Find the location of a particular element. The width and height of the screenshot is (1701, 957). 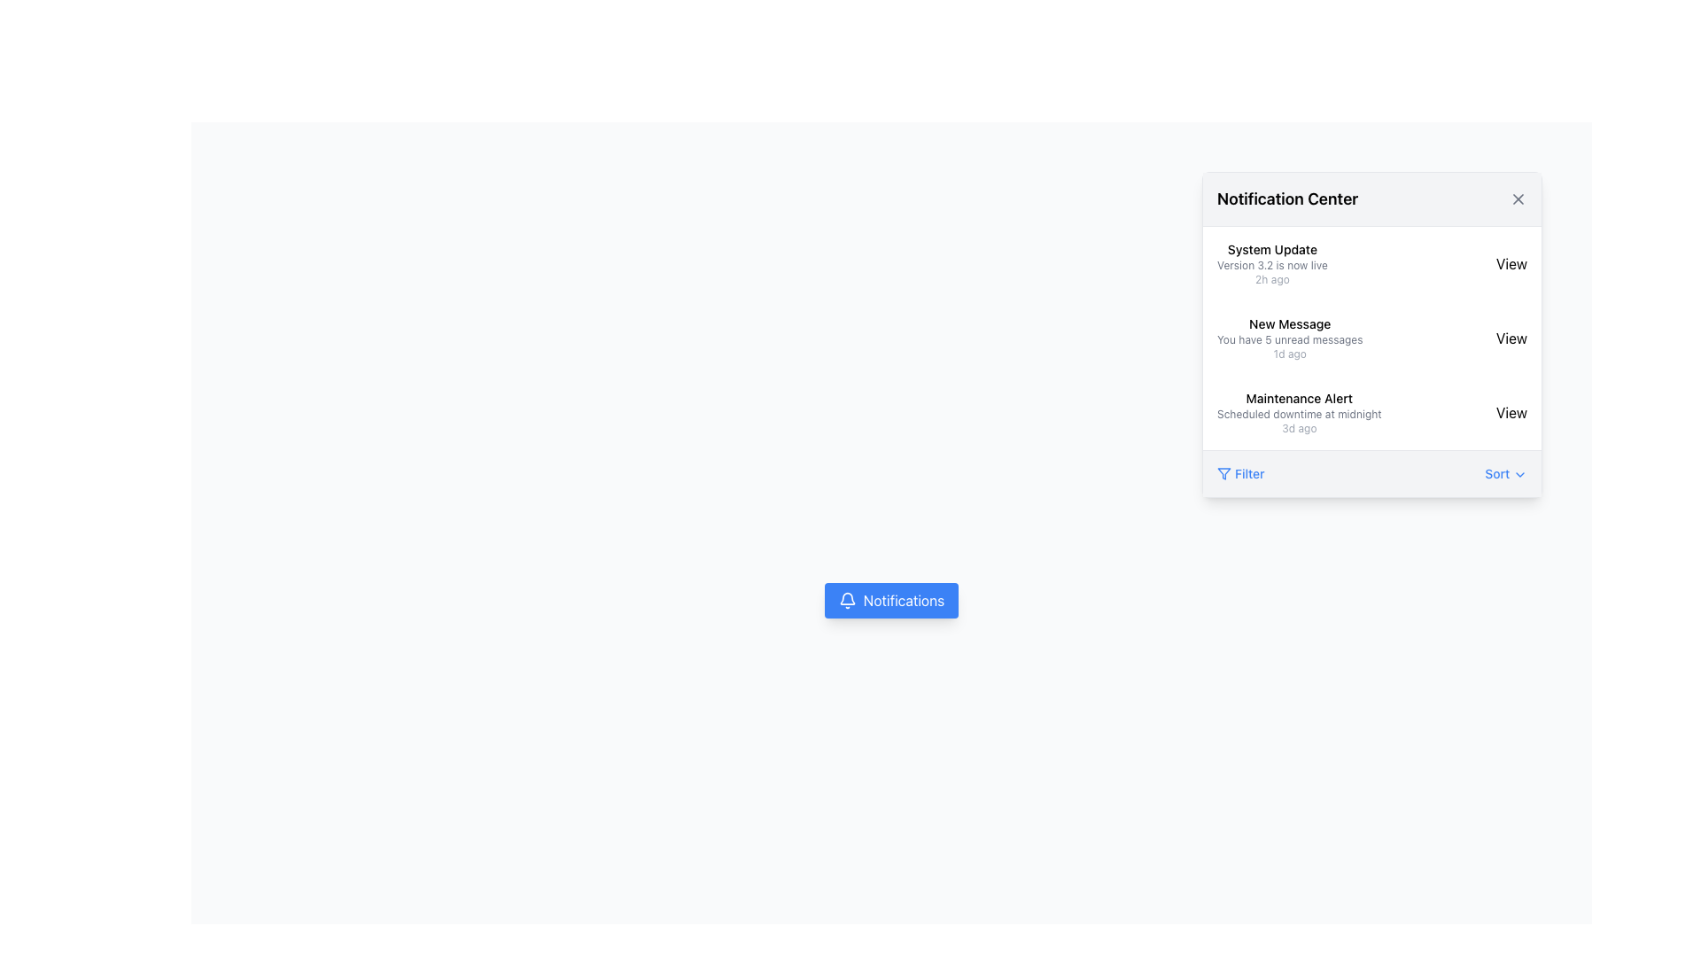

the text label reading 'You have 5 unread messages', which is styled in light gray font and located beneath the header 'New Message' in the notification panel is located at coordinates (1290, 340).